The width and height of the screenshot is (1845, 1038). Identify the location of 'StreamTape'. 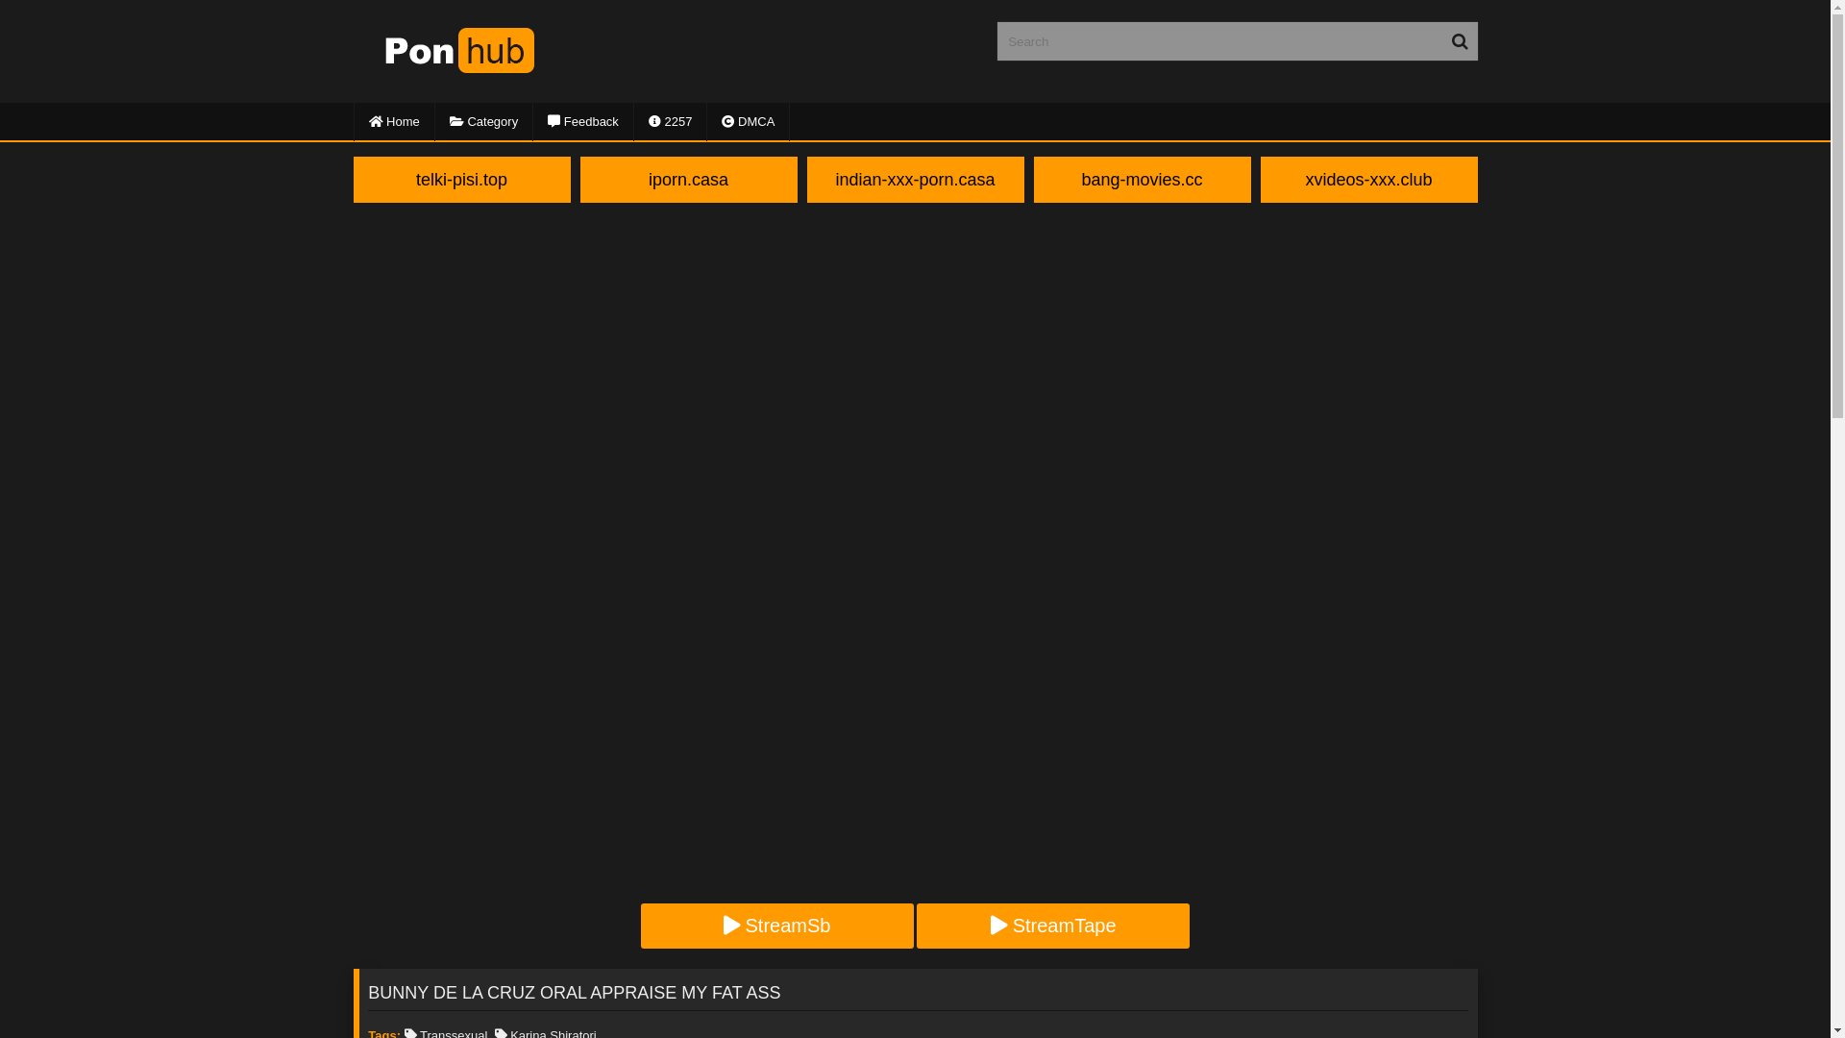
(1051, 925).